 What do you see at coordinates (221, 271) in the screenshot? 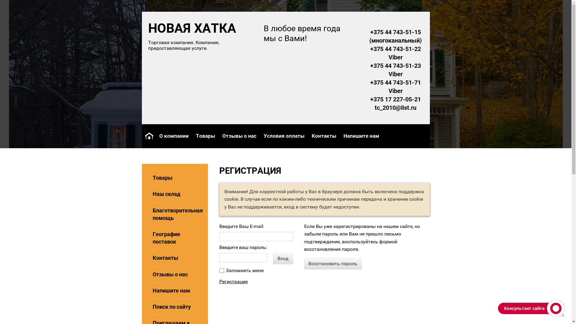
I see `'0'` at bounding box center [221, 271].